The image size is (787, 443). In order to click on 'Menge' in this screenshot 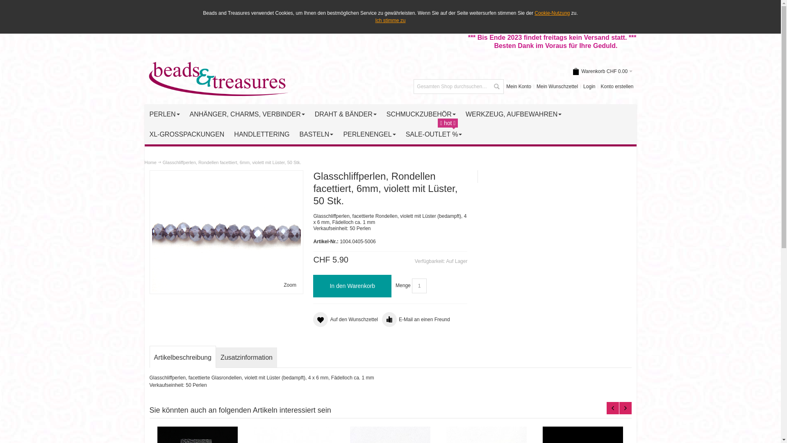, I will do `click(419, 285)`.